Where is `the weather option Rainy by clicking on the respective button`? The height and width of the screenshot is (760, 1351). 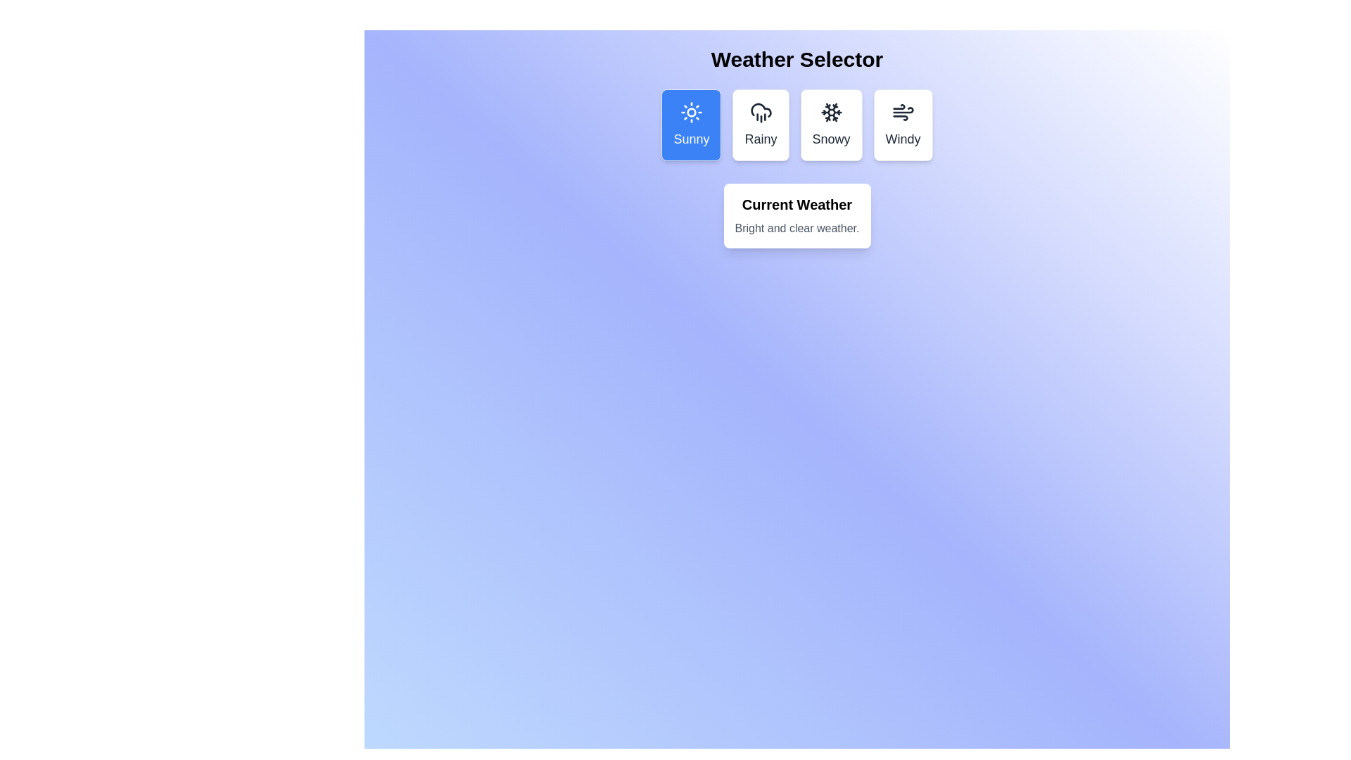 the weather option Rainy by clicking on the respective button is located at coordinates (759, 124).